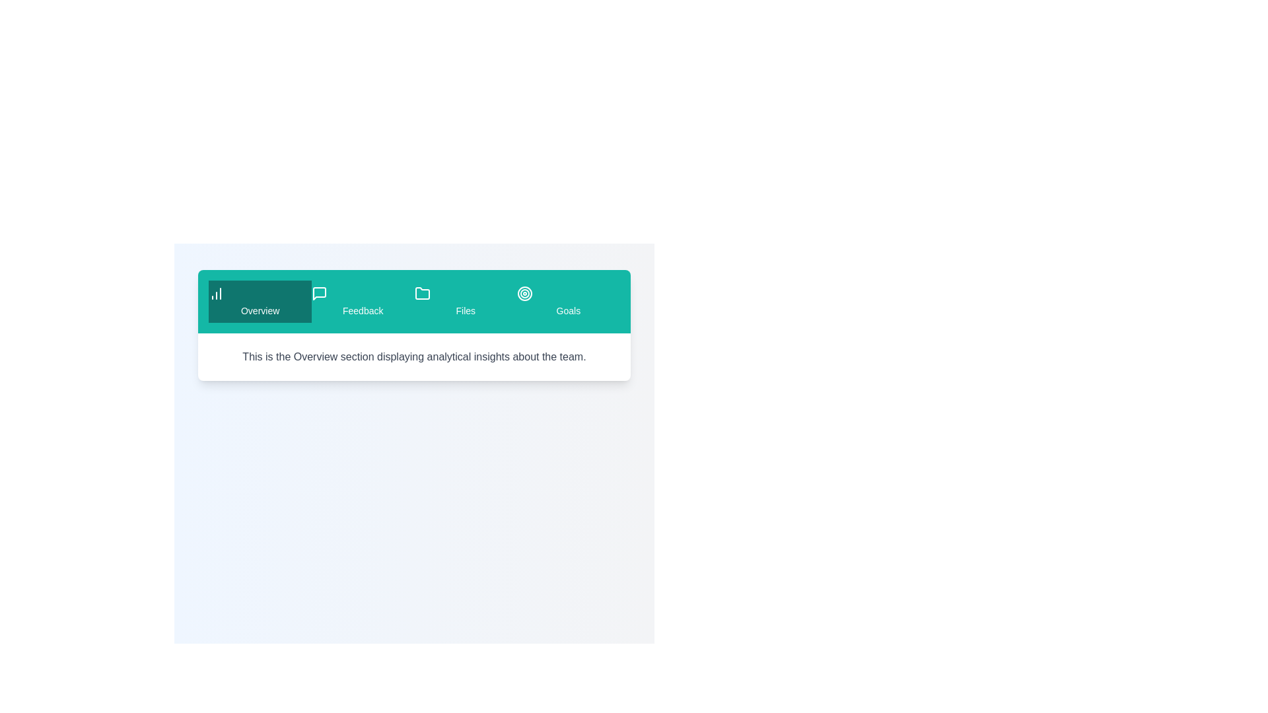 Image resolution: width=1268 pixels, height=713 pixels. I want to click on the tab Overview to view its content, so click(260, 301).